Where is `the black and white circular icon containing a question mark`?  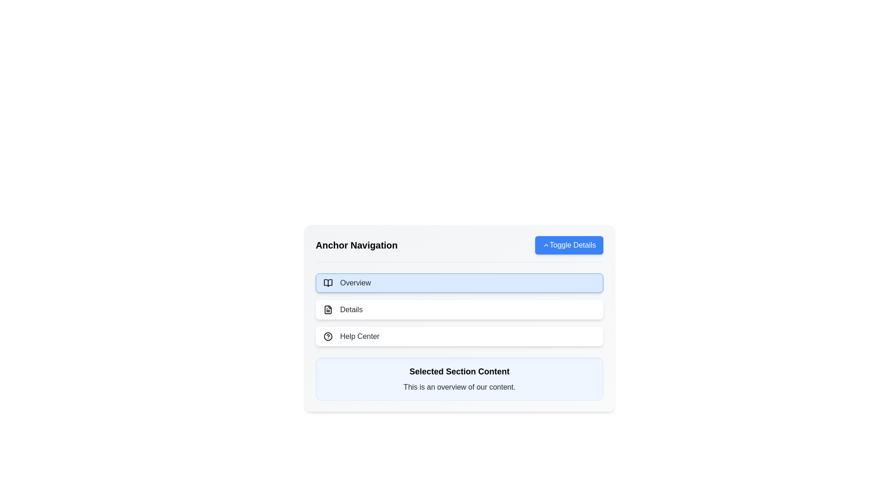 the black and white circular icon containing a question mark is located at coordinates (328, 336).